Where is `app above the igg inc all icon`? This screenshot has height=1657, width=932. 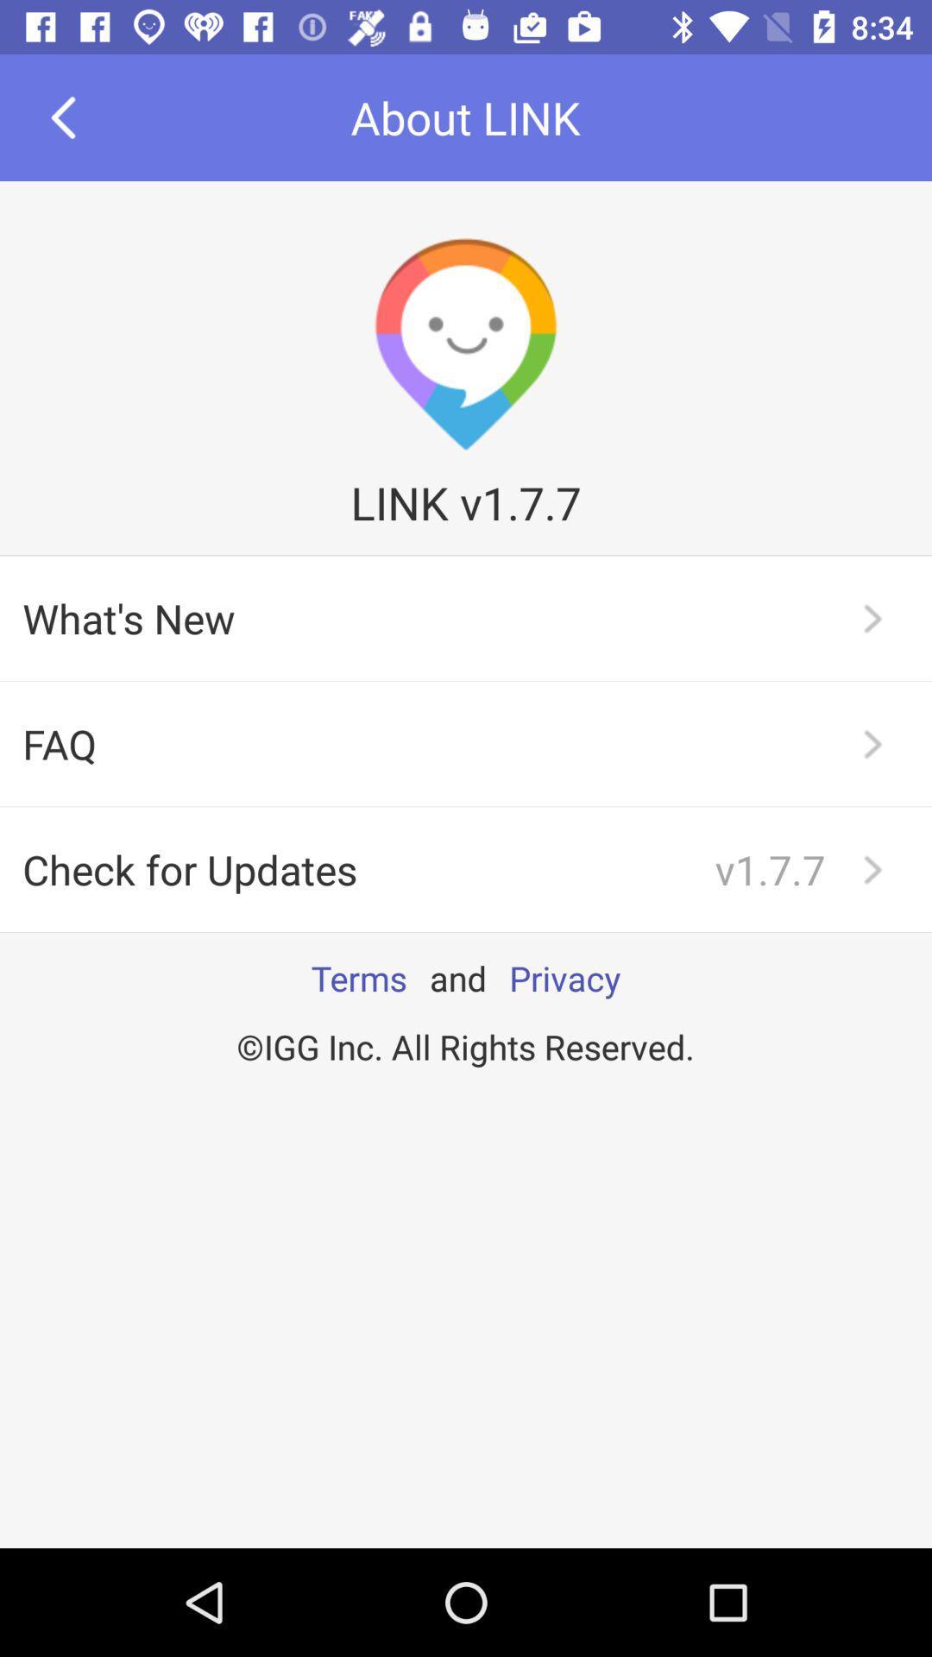 app above the igg inc all icon is located at coordinates (564, 978).